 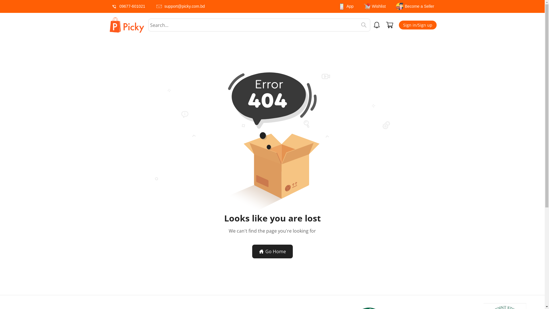 What do you see at coordinates (346, 6) in the screenshot?
I see `'App'` at bounding box center [346, 6].